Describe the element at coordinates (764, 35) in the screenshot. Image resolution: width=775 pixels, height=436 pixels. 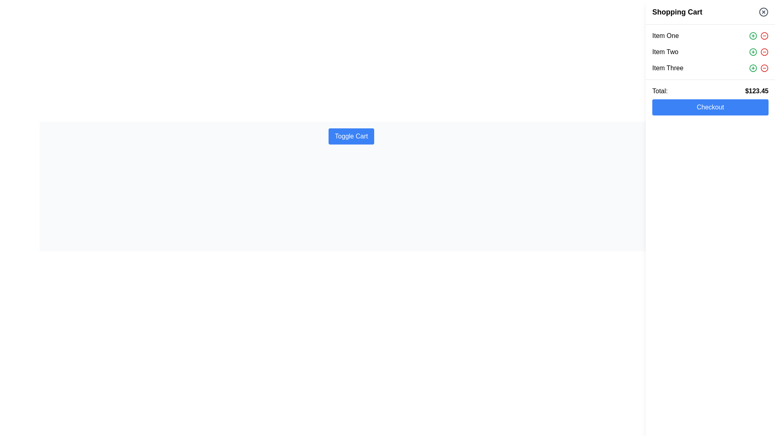
I see `the button to decrease the quantity for Item One, which is the second button in the rightmost column of controls` at that location.